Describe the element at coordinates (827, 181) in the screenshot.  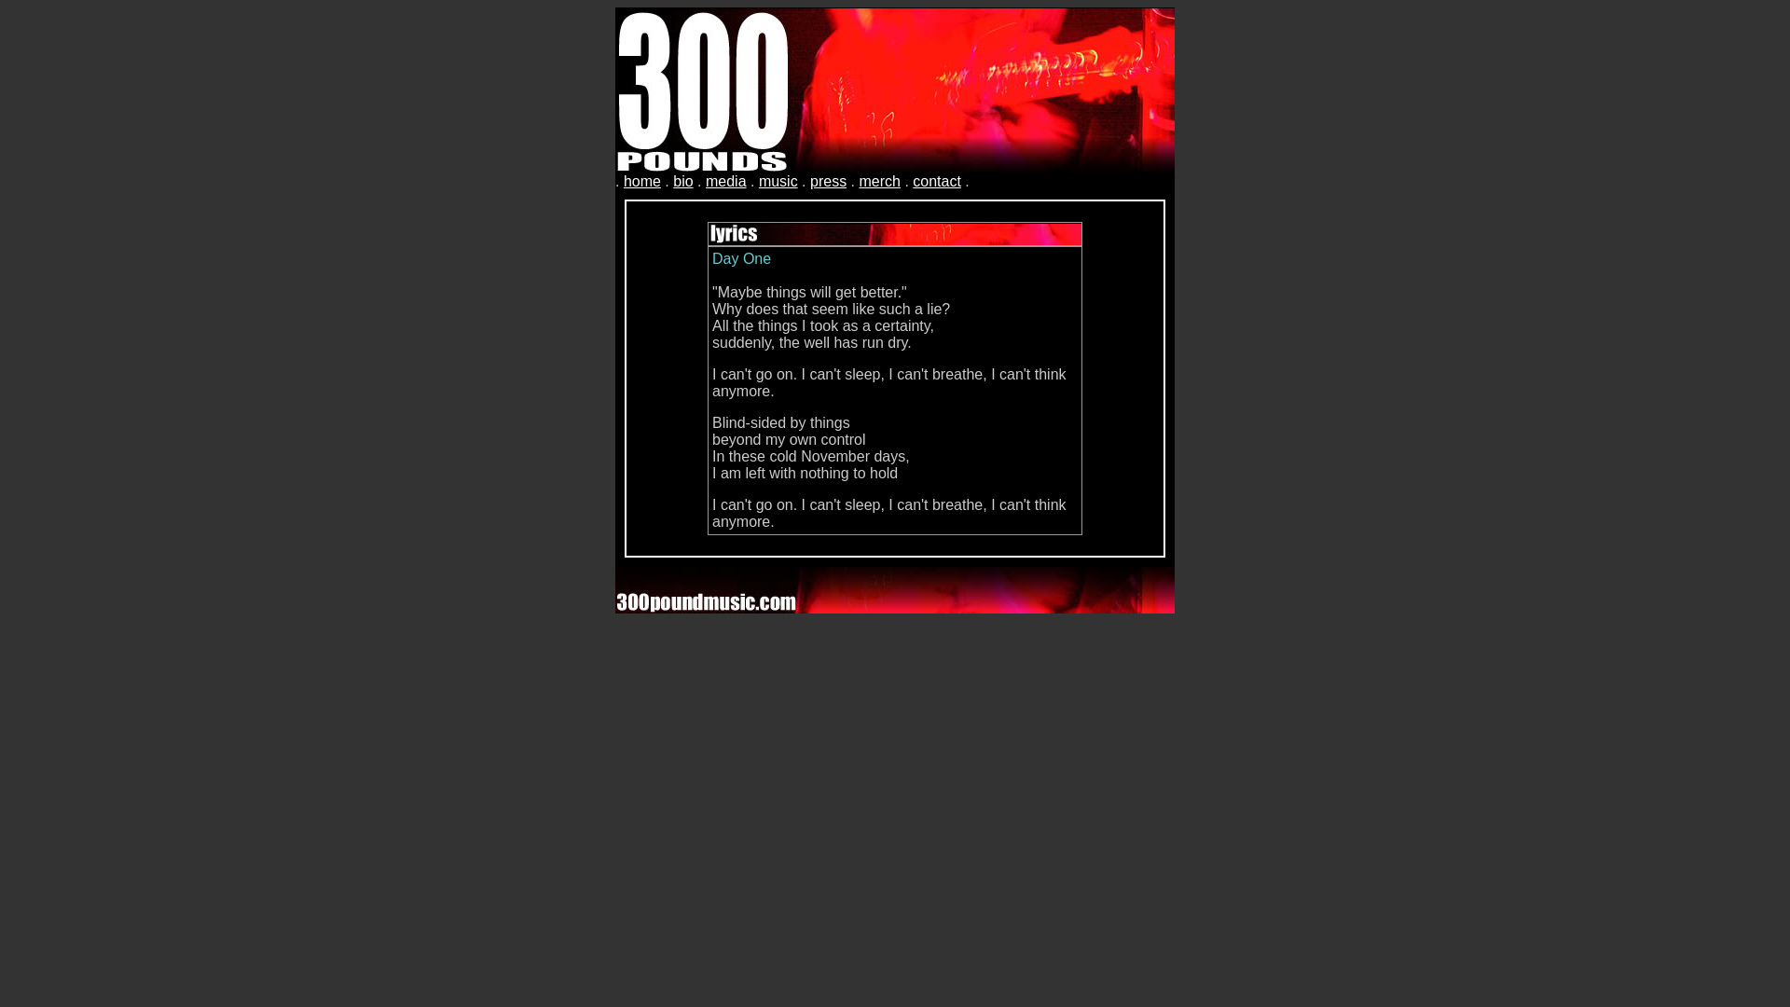
I see `'press'` at that location.